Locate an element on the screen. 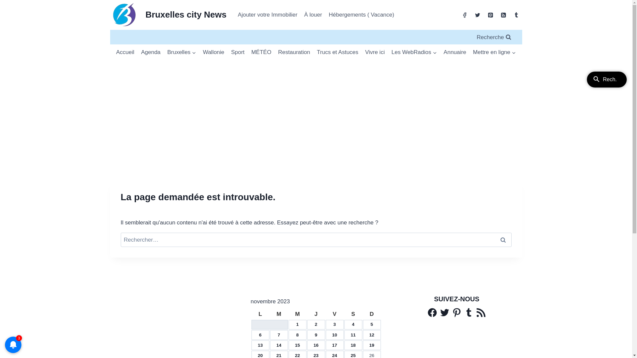 Image resolution: width=637 pixels, height=358 pixels. '16' is located at coordinates (316, 345).